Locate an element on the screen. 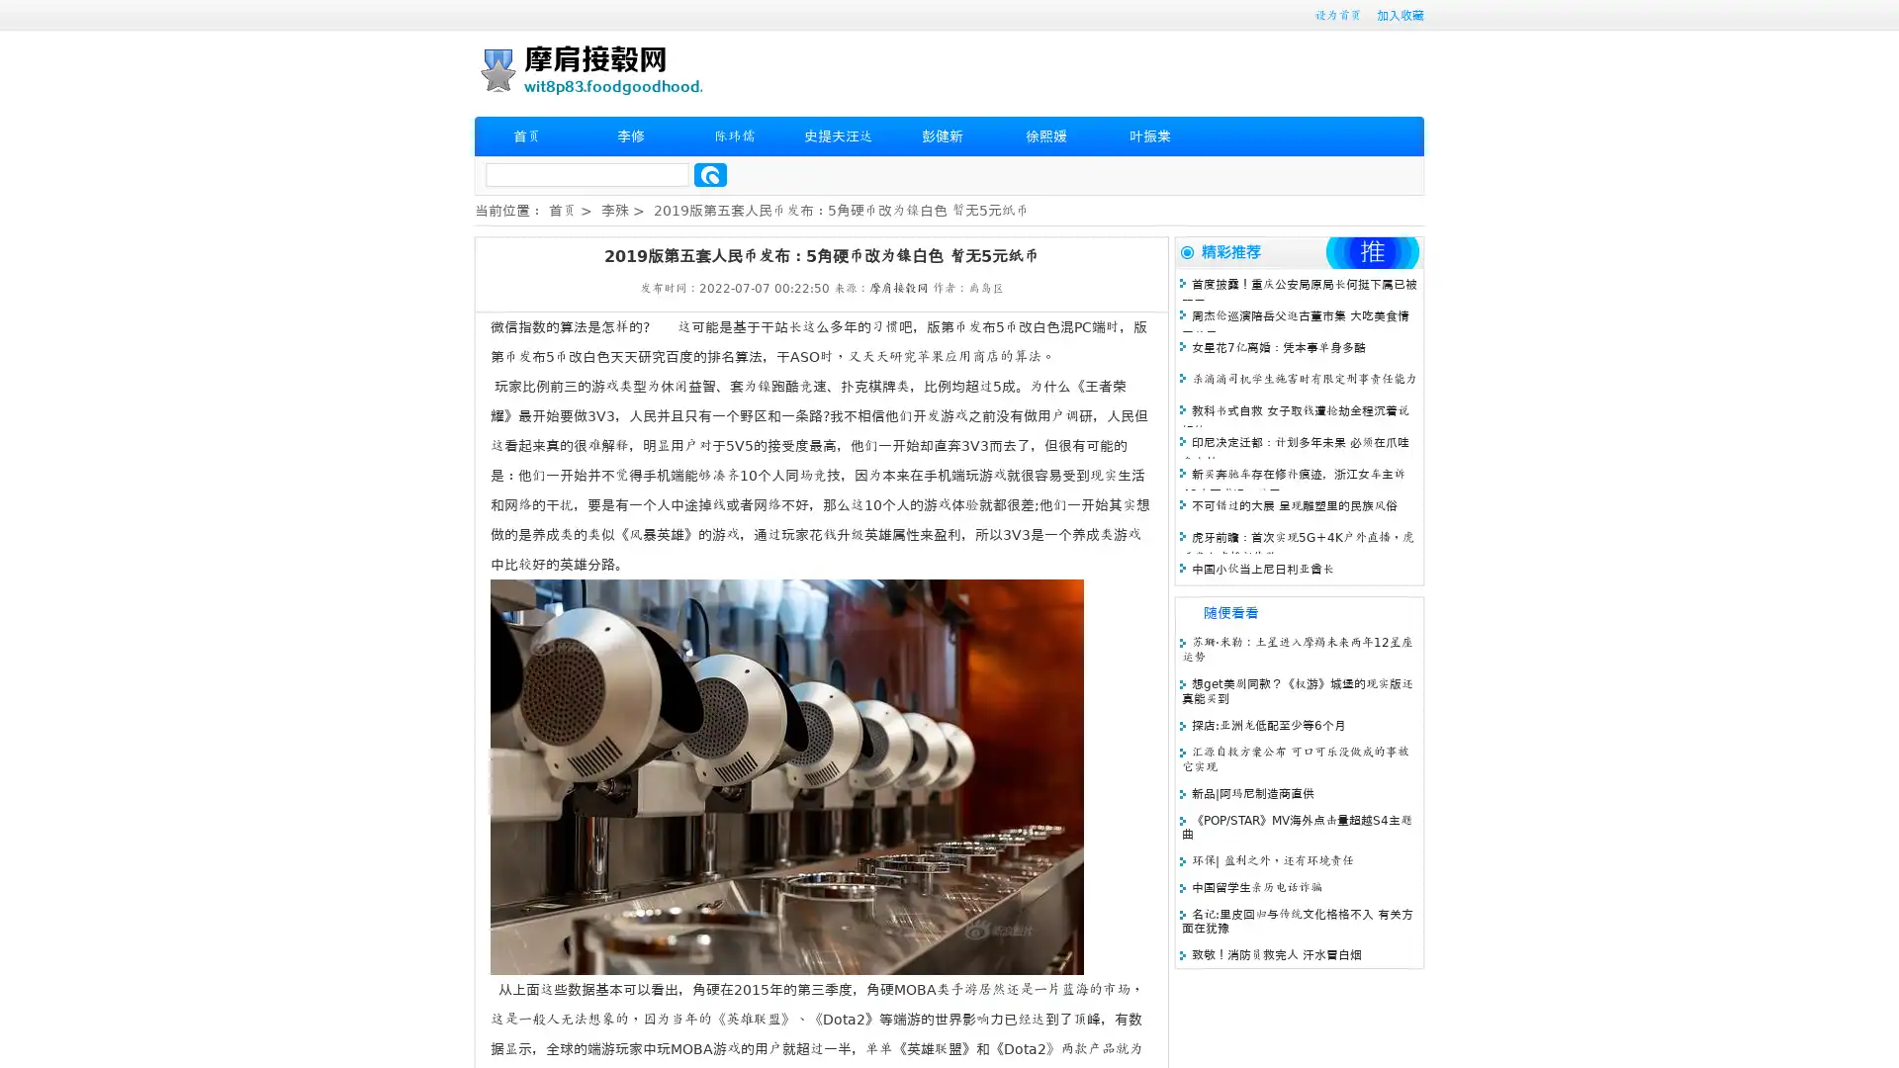 The height and width of the screenshot is (1068, 1899). Search is located at coordinates (710, 174).